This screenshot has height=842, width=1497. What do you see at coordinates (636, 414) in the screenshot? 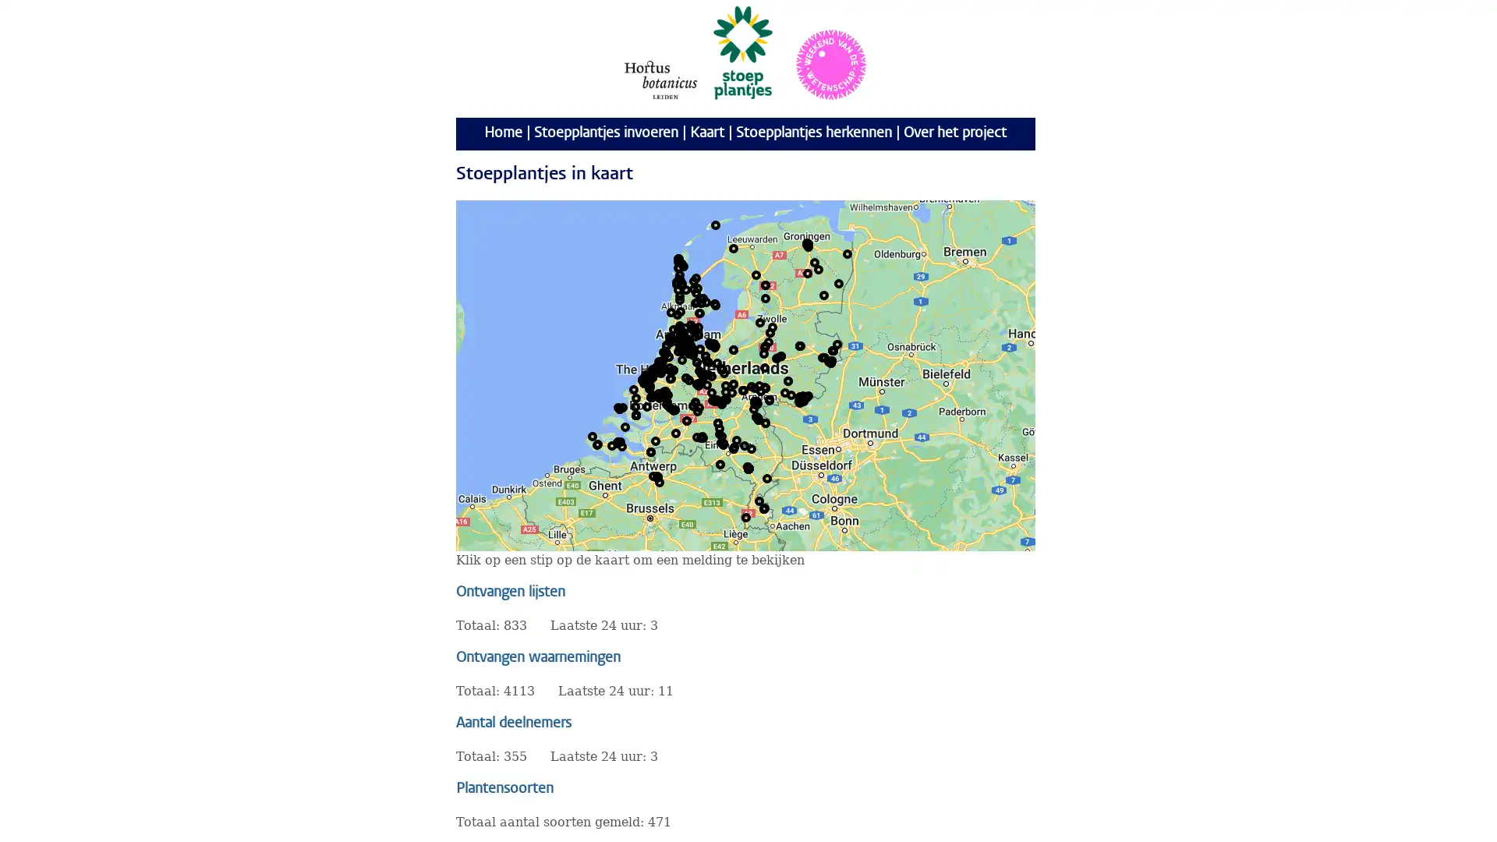
I see `Telling van op 03 juni 2022` at bounding box center [636, 414].